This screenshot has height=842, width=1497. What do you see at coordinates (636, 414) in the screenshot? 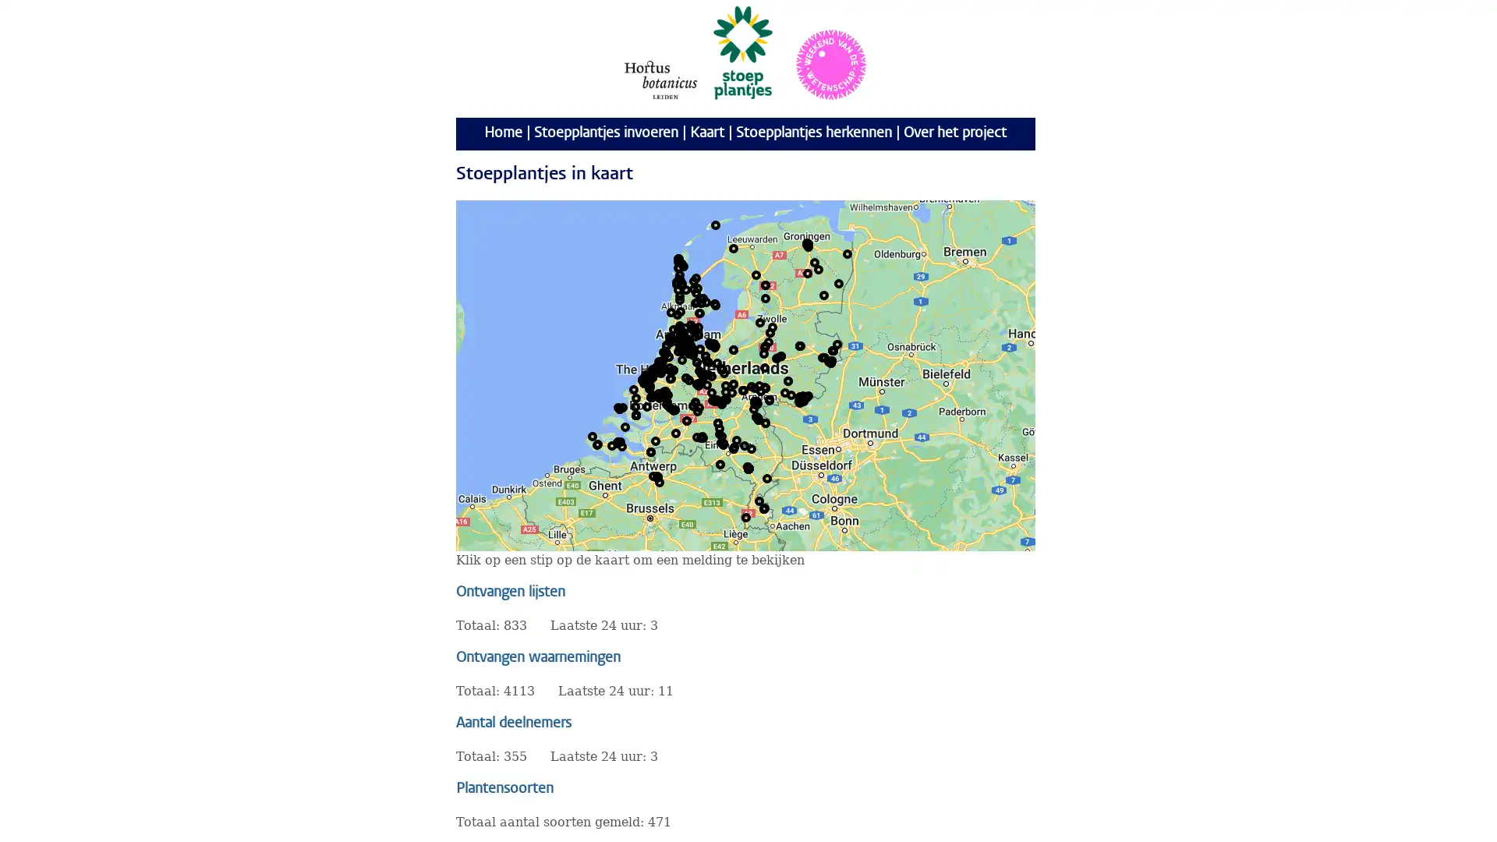
I see `Telling van op 03 juni 2022` at bounding box center [636, 414].